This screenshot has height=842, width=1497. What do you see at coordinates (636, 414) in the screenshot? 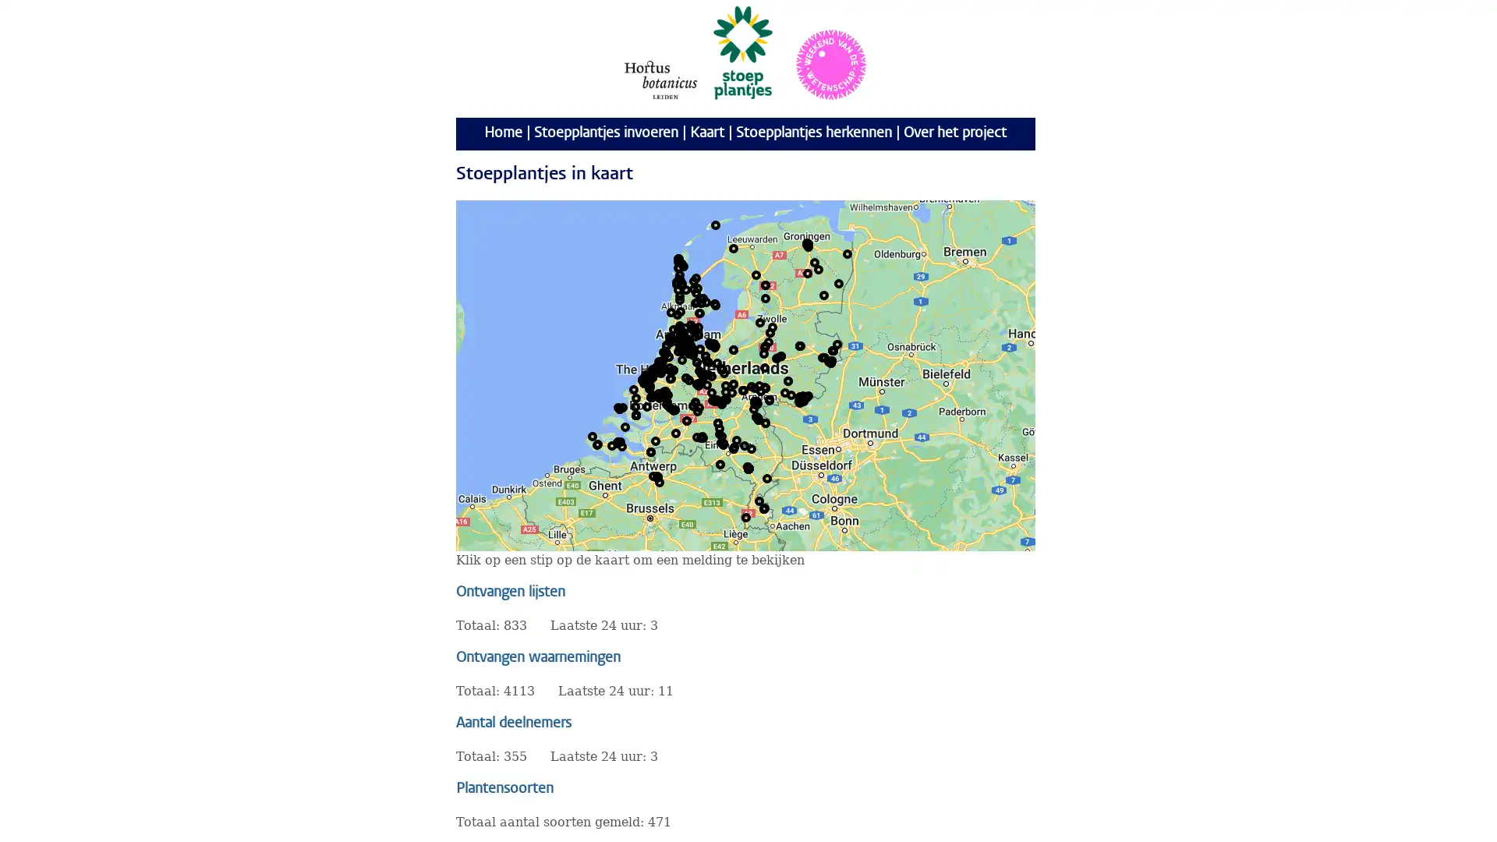
I see `Telling van op 03 juni 2022` at bounding box center [636, 414].